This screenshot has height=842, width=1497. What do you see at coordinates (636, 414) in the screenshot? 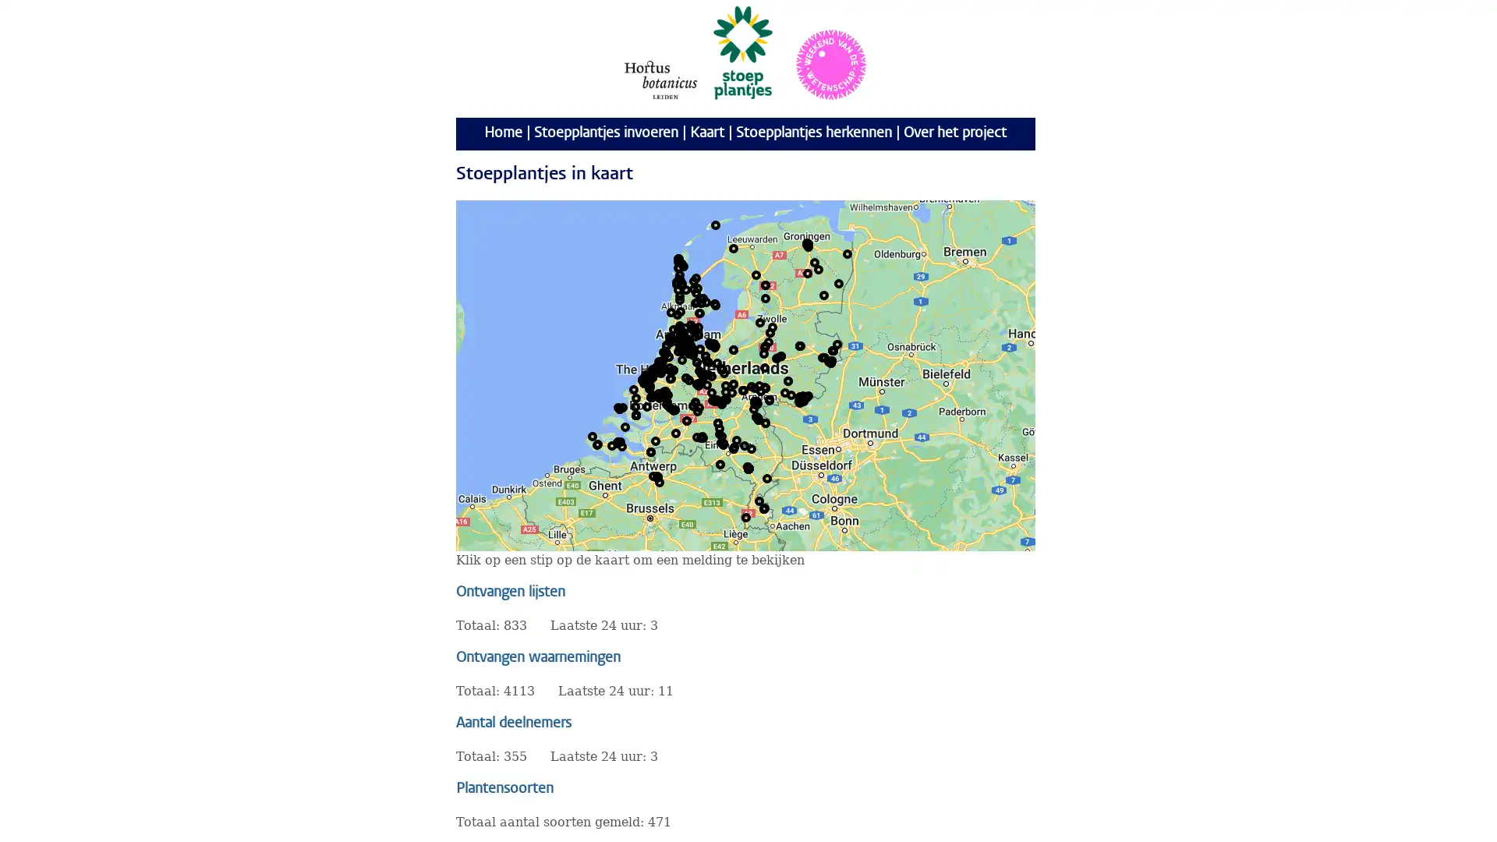
I see `Telling van op 03 juni 2022` at bounding box center [636, 414].